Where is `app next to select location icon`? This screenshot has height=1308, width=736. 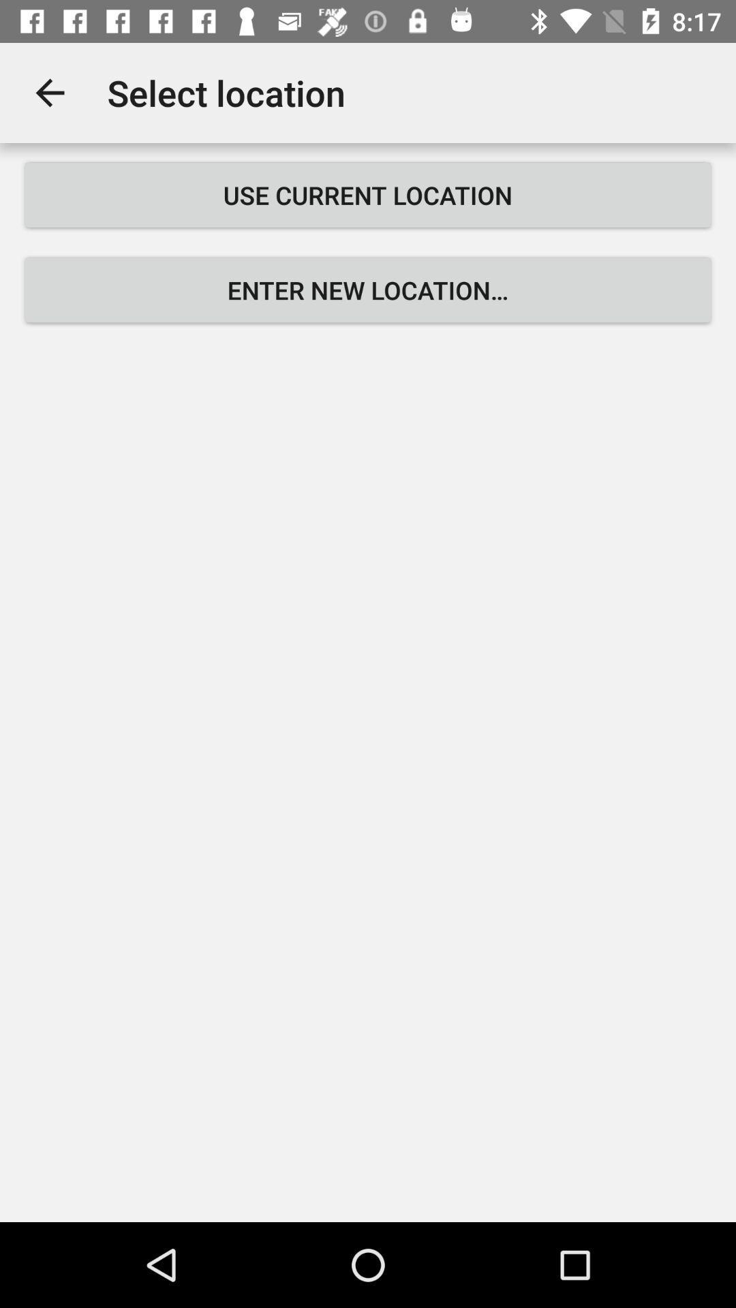 app next to select location icon is located at coordinates (49, 92).